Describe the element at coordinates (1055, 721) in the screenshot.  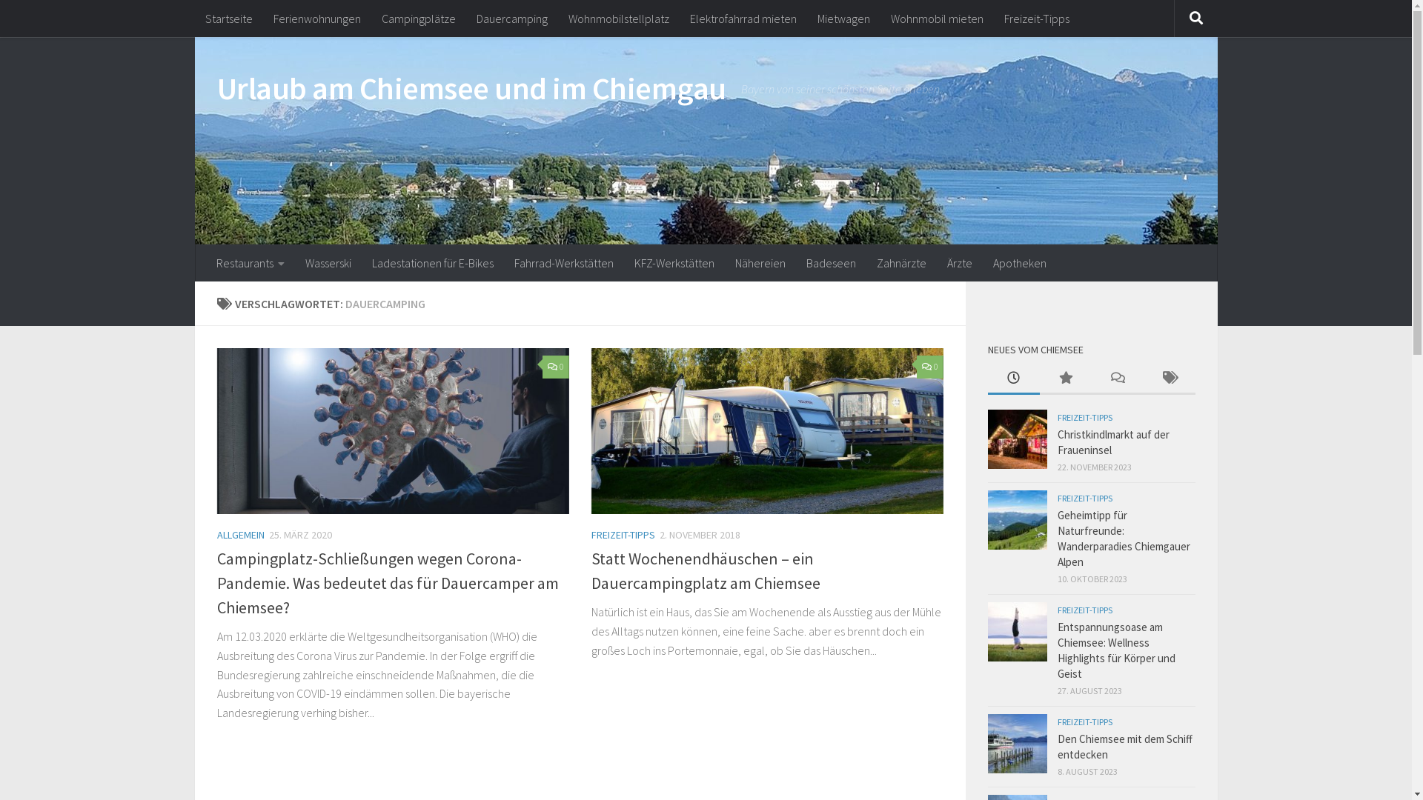
I see `'FREIZEIT-TIPPS'` at that location.